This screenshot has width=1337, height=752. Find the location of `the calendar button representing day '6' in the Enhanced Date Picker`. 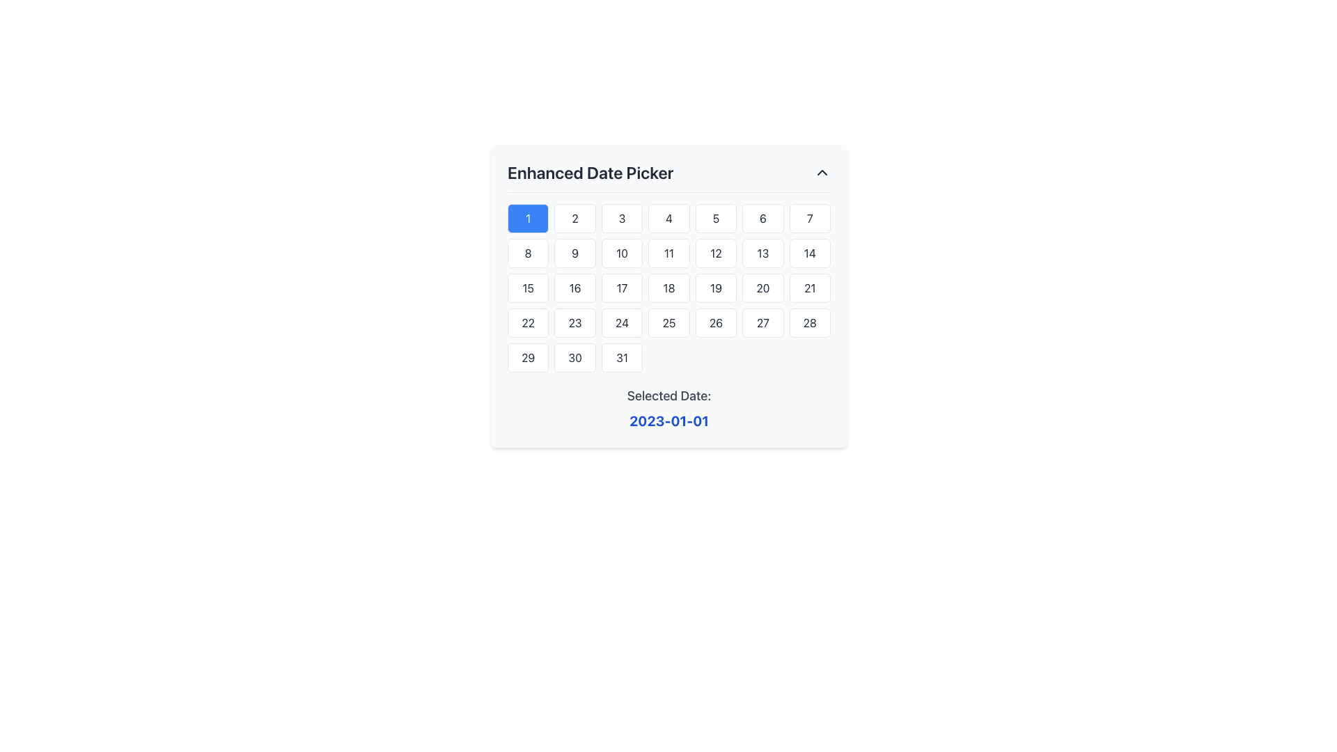

the calendar button representing day '6' in the Enhanced Date Picker is located at coordinates (762, 218).